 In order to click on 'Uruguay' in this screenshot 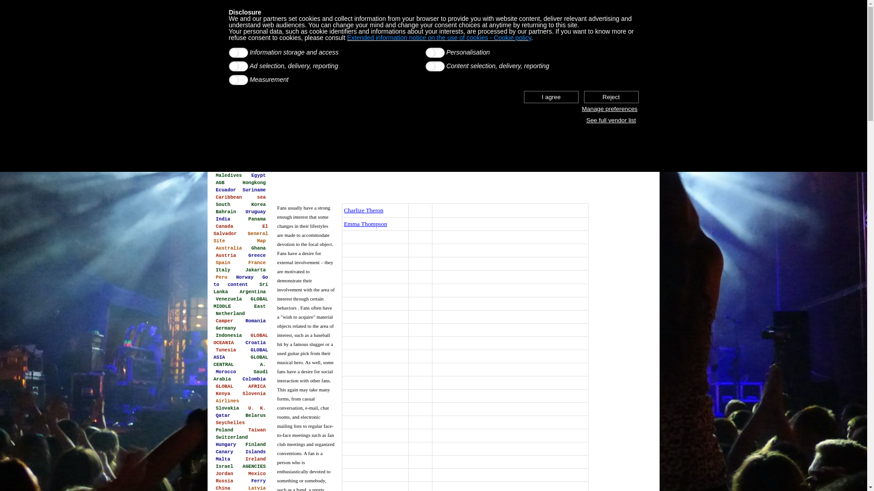, I will do `click(255, 212)`.